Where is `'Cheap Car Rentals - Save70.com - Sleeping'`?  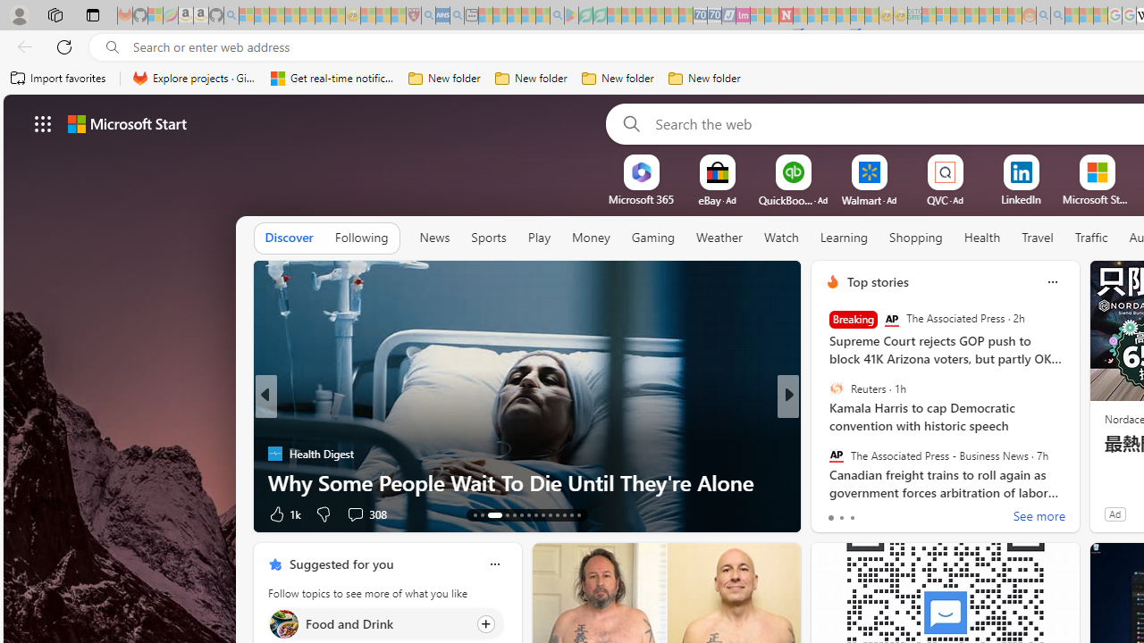
'Cheap Car Rentals - Save70.com - Sleeping' is located at coordinates (699, 15).